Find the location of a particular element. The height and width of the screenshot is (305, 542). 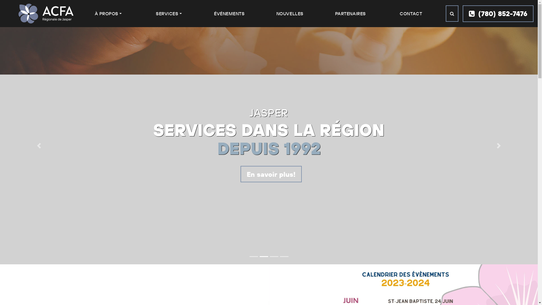

'NOUVELLES' is located at coordinates (272, 13).